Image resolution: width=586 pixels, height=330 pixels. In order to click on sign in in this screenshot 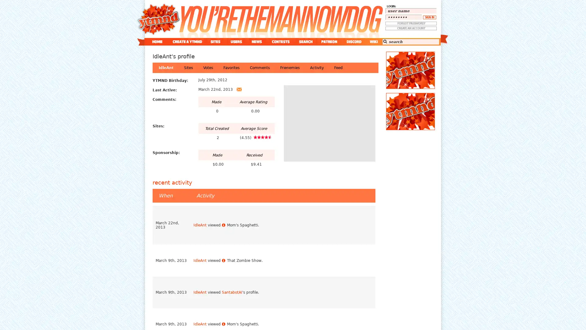, I will do `click(429, 17)`.